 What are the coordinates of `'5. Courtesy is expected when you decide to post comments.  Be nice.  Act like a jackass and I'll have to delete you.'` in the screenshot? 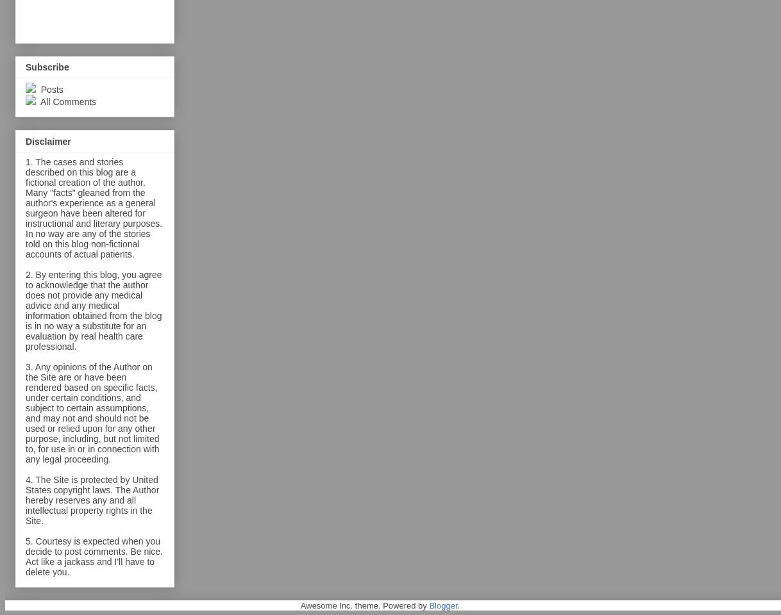 It's located at (94, 555).